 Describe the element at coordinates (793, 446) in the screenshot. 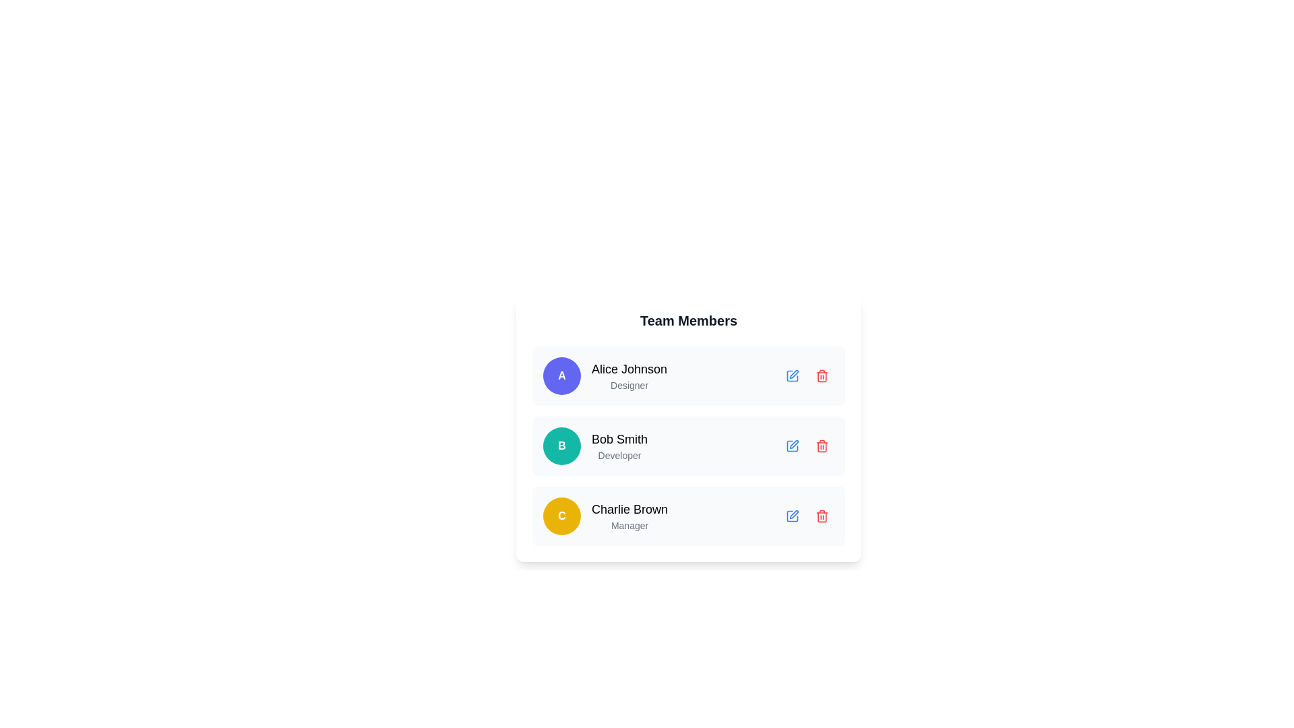

I see `the blue pencil icon button located in the second row under 'Team Members', between 'Bob Smith' and the red trash icon, to initiate the edit action` at that location.